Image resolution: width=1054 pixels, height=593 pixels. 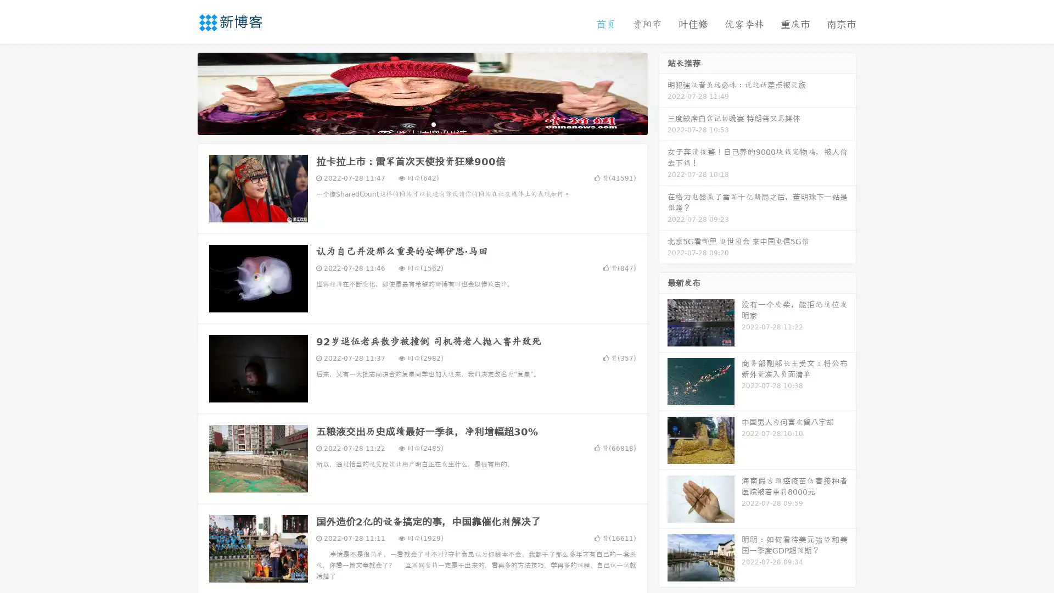 I want to click on Next slide, so click(x=663, y=92).